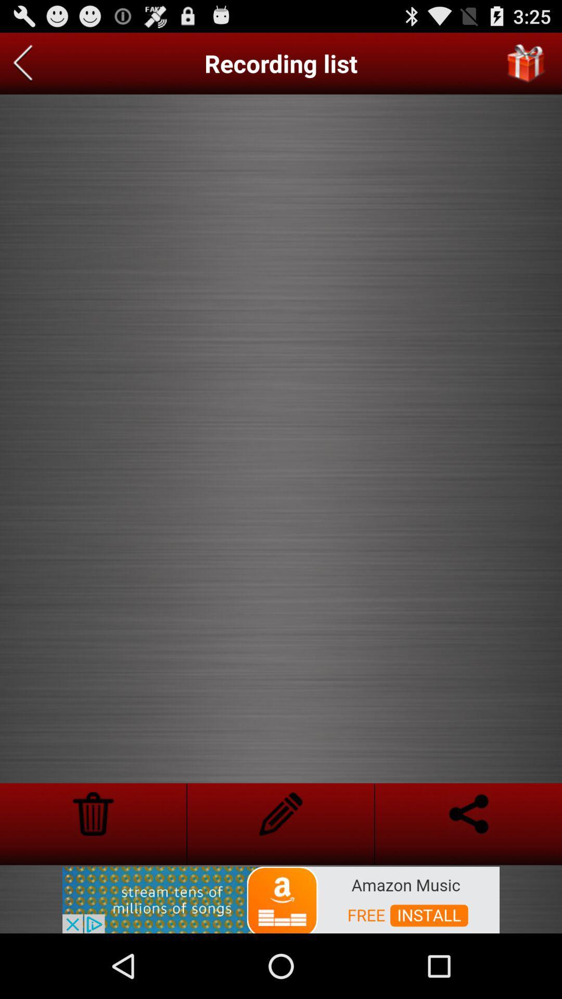  What do you see at coordinates (281, 899) in the screenshot?
I see `join amazon music` at bounding box center [281, 899].